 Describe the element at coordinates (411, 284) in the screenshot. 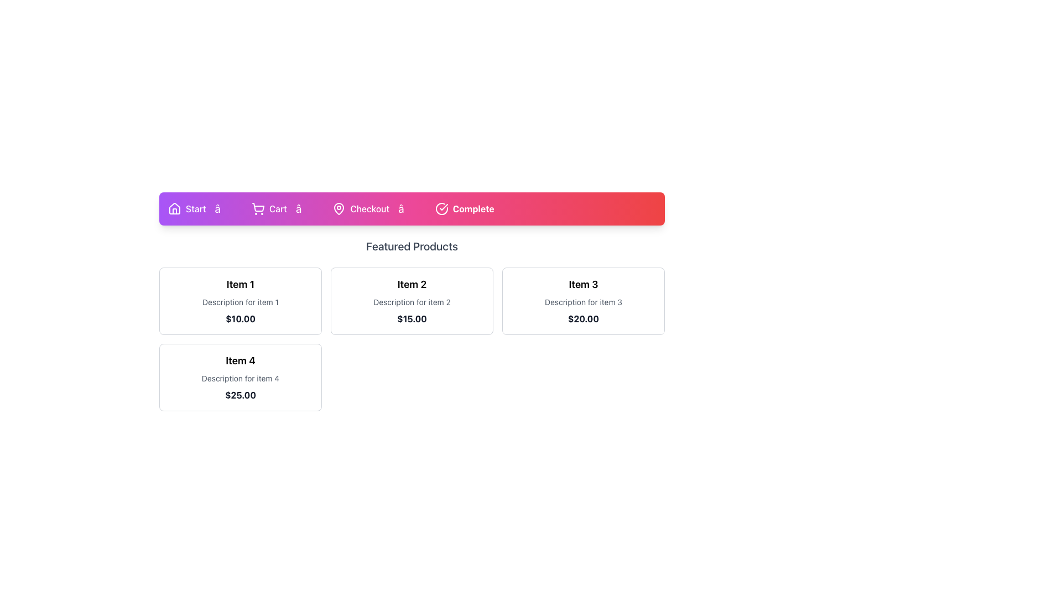

I see `the text label that serves as the title for the product in the second card of a horizontally distributed collection of four product cards` at that location.